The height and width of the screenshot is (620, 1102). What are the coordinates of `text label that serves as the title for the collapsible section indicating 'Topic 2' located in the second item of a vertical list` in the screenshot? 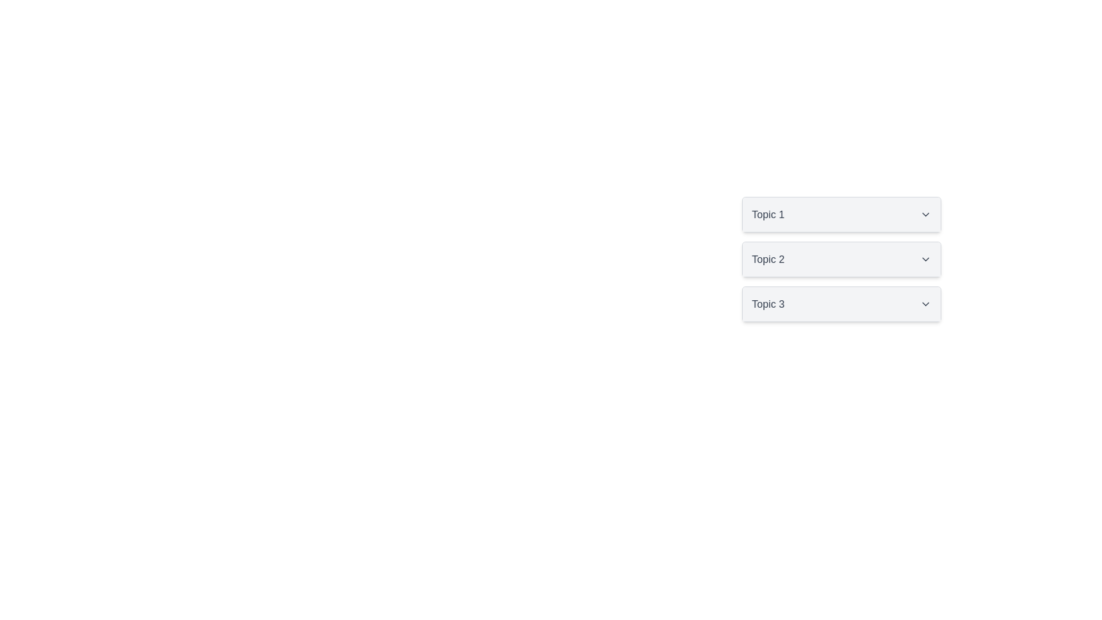 It's located at (768, 259).